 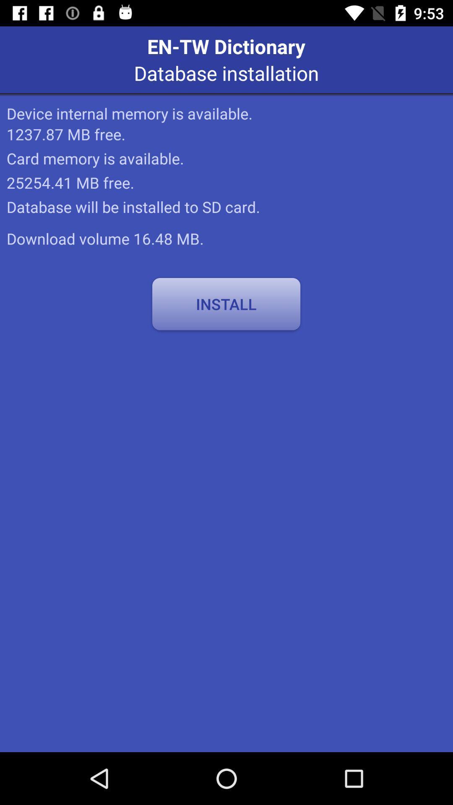 What do you see at coordinates (226, 304) in the screenshot?
I see `the item at the center` at bounding box center [226, 304].